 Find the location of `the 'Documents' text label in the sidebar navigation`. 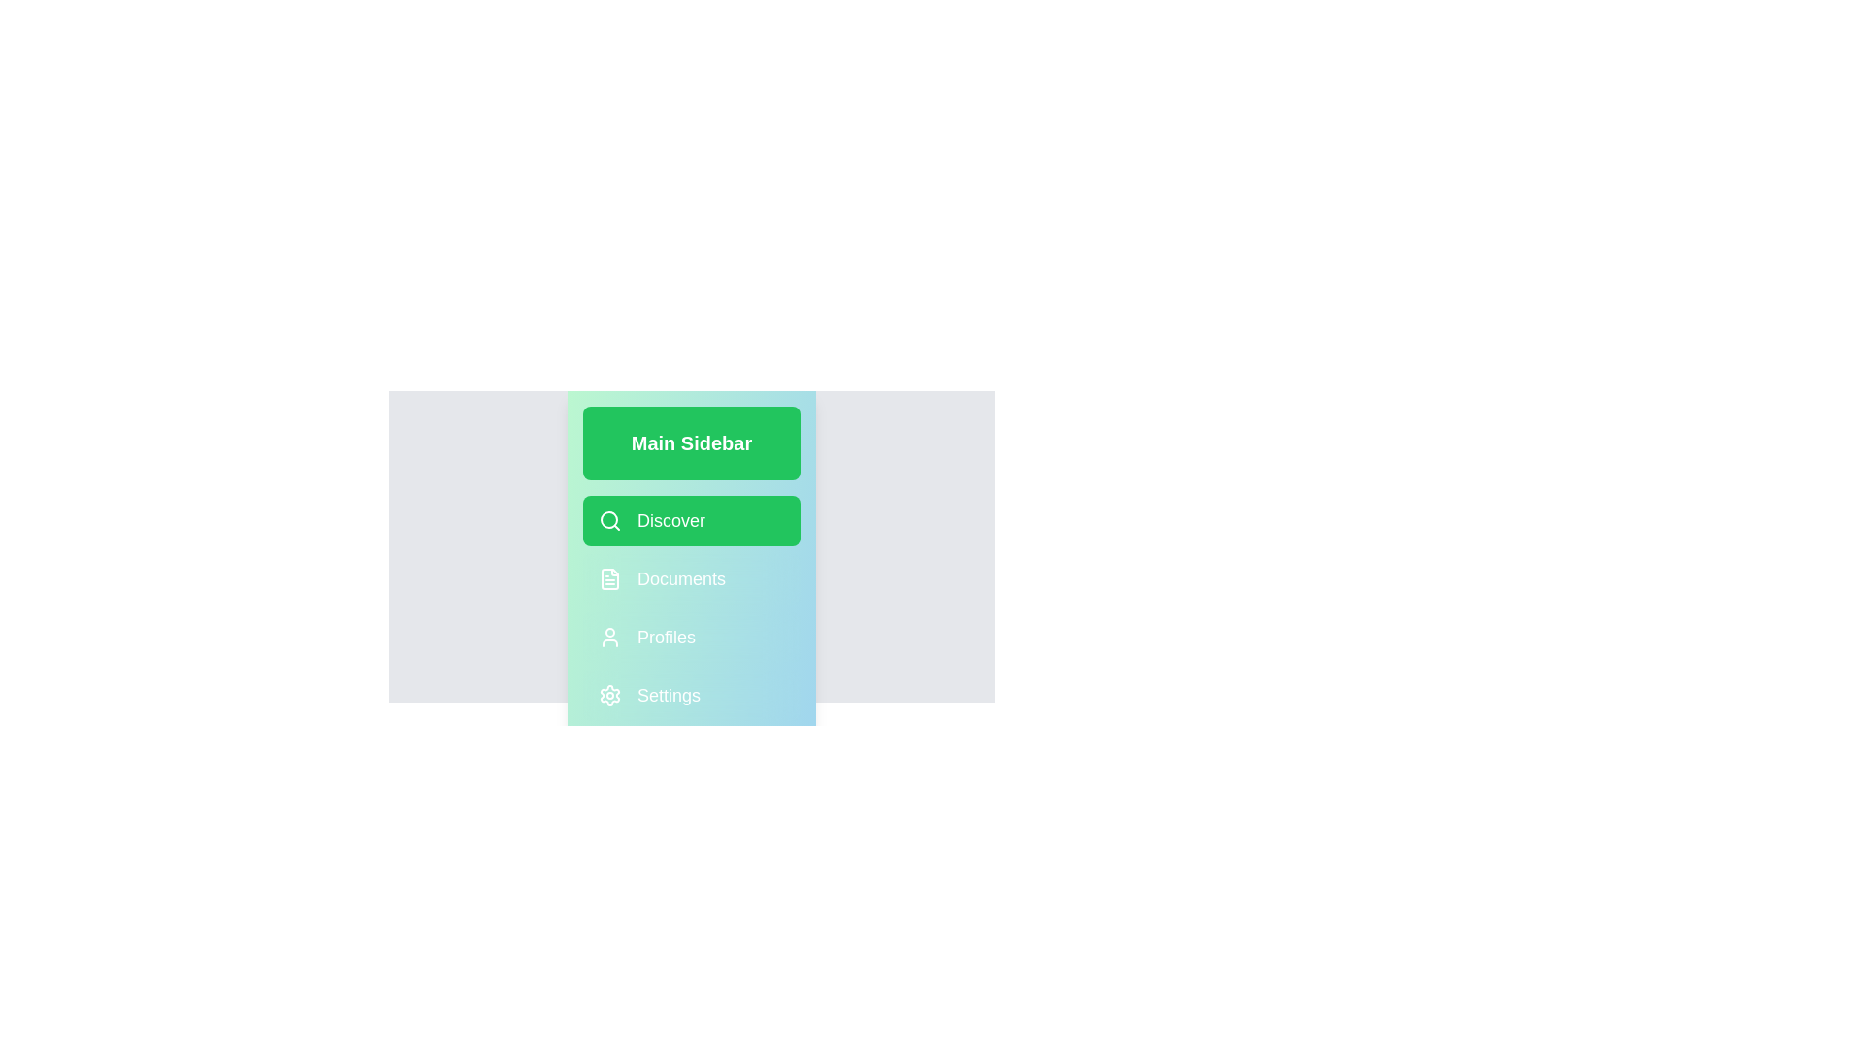

the 'Documents' text label in the sidebar navigation is located at coordinates (681, 578).